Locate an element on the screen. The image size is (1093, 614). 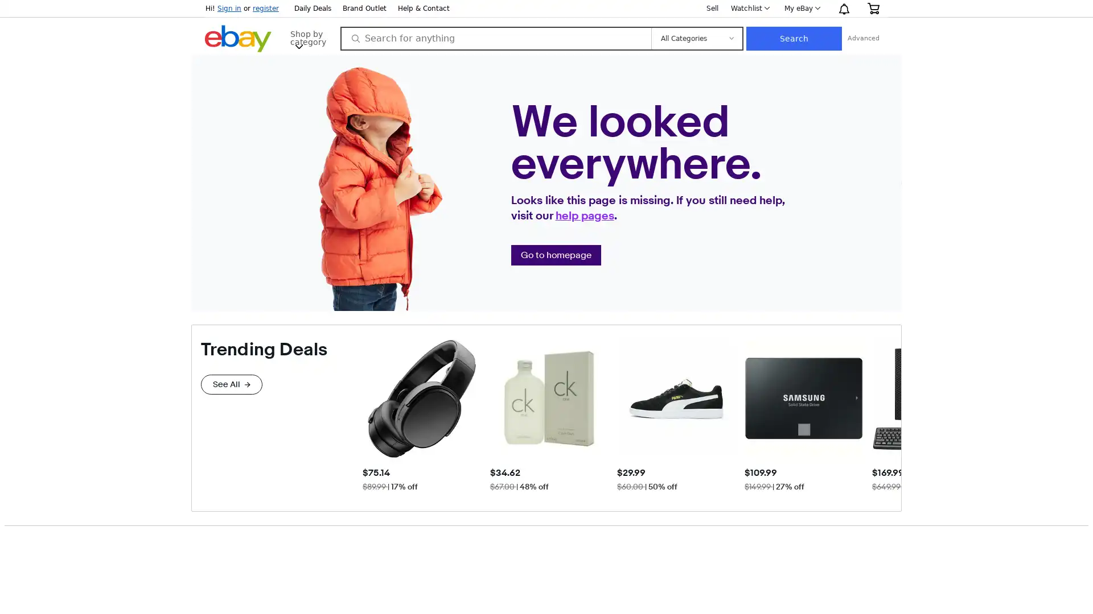
Previous Slide is located at coordinates (371, 414).